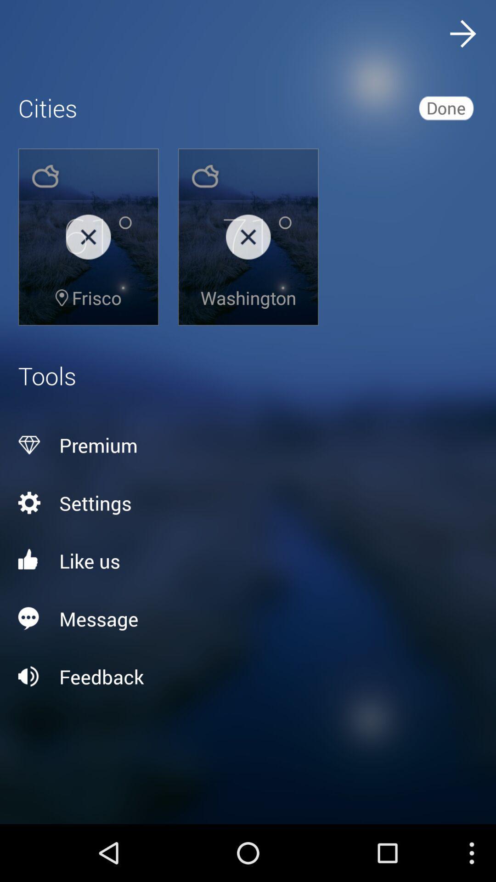 Image resolution: width=496 pixels, height=882 pixels. What do you see at coordinates (248, 619) in the screenshot?
I see `icon above the feedback` at bounding box center [248, 619].